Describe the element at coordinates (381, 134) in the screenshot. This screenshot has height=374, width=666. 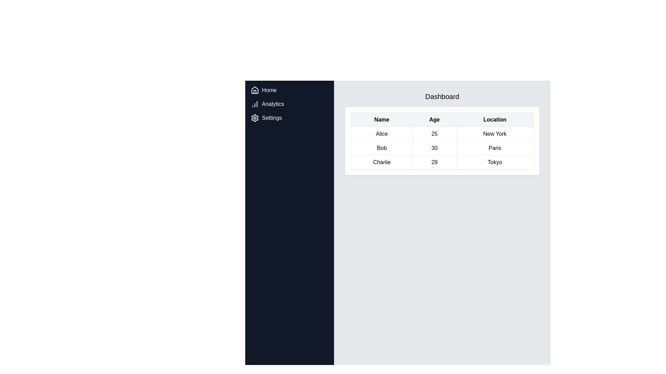
I see `the Text Label displaying the name 'Alice', which is located in the first row and first column of a table structure labeled with headers 'Name', 'Age', and 'Location'` at that location.